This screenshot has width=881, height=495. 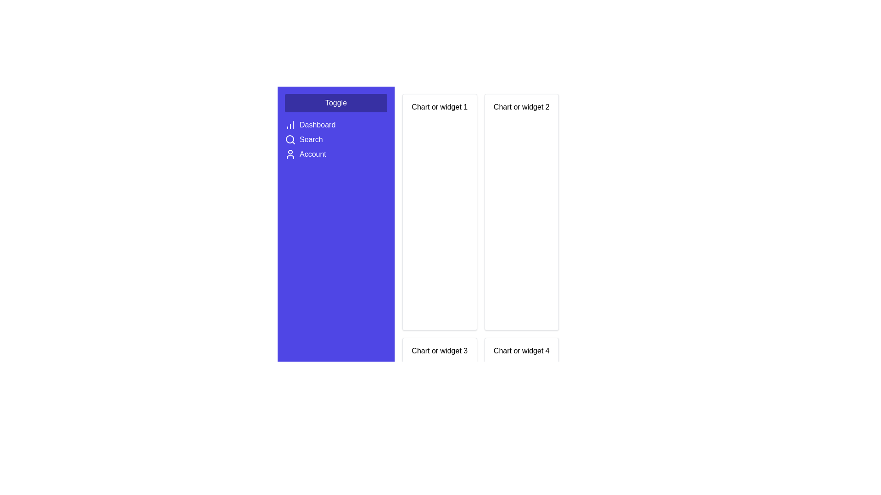 What do you see at coordinates (335, 154) in the screenshot?
I see `the 'Account' navigation menu item, which is the third item in the vertical sidebar` at bounding box center [335, 154].